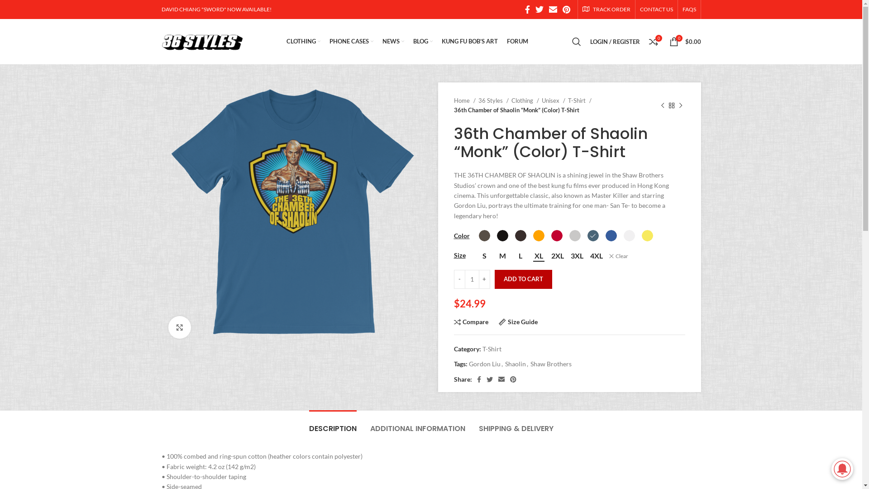 Image resolution: width=869 pixels, height=489 pixels. What do you see at coordinates (615, 42) in the screenshot?
I see `'LOGIN / REGISTER'` at bounding box center [615, 42].